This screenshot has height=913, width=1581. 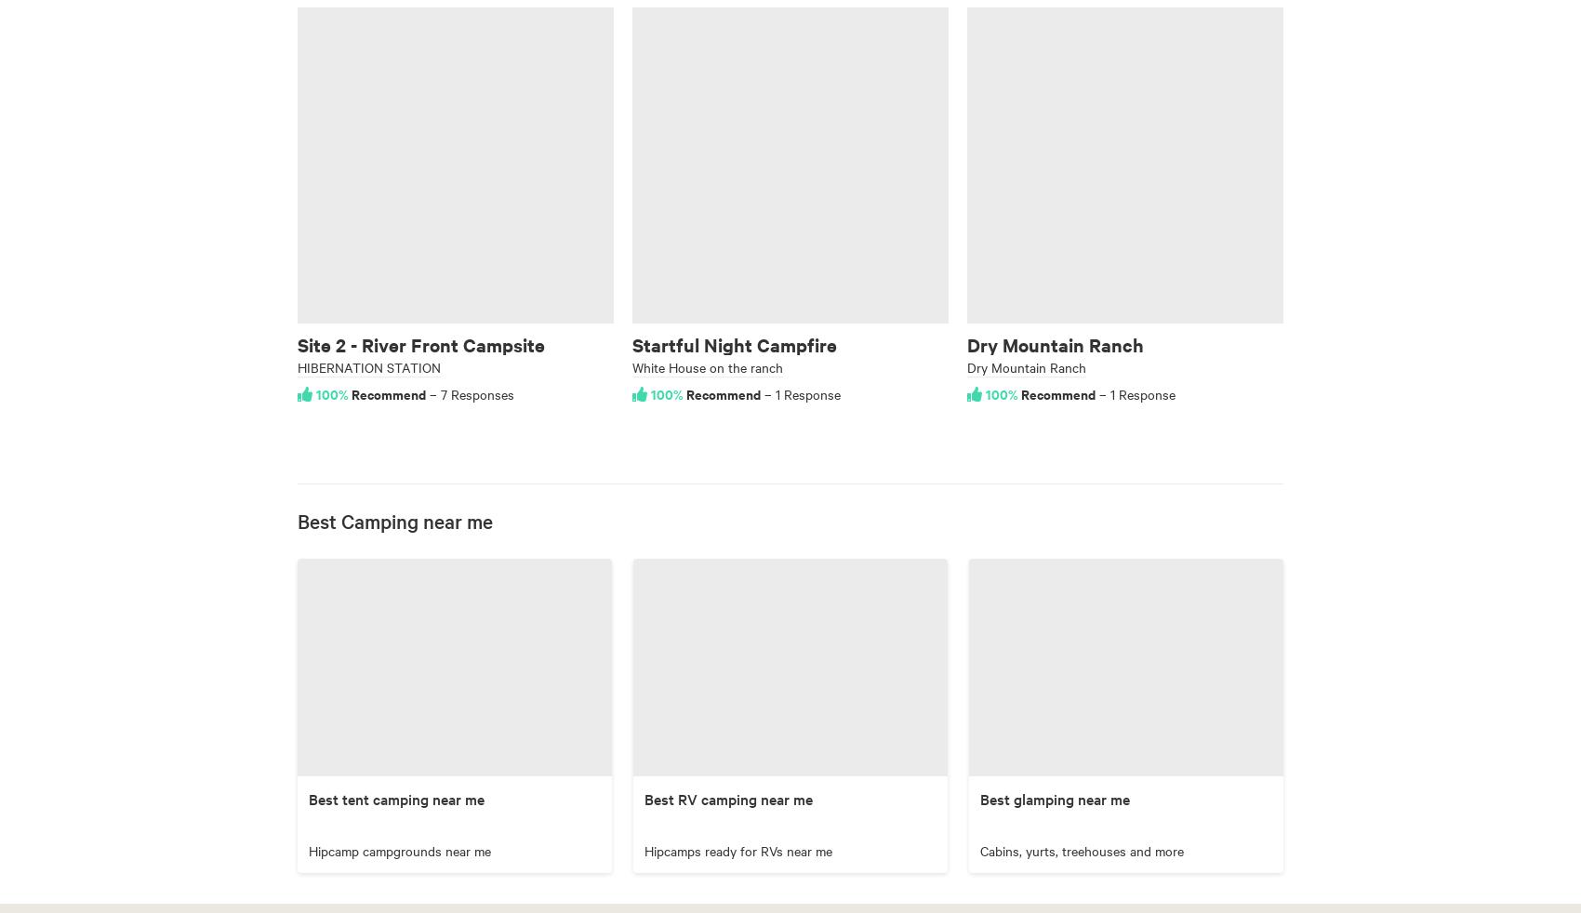 I want to click on 'Best Camping near me', so click(x=395, y=518).